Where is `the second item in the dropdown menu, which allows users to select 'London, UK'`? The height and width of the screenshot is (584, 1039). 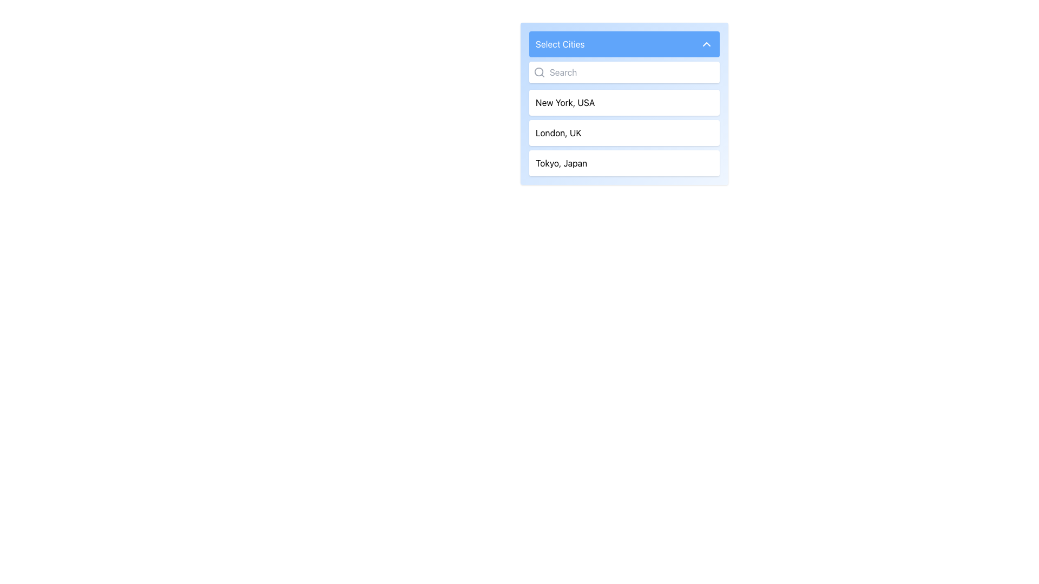 the second item in the dropdown menu, which allows users to select 'London, UK' is located at coordinates (624, 132).